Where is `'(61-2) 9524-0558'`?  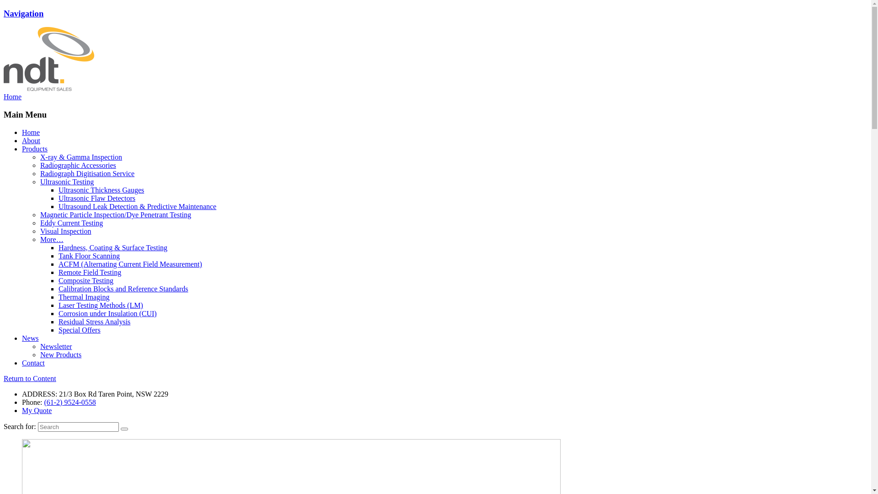 '(61-2) 9524-0558' is located at coordinates (69, 402).